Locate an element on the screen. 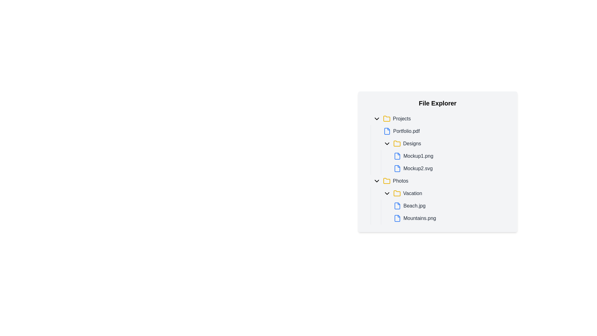  the folder icon in the 'Projects' section of the file explorer, located adjacent to 'Portfolio.pdf' and above 'Designs' is located at coordinates (386, 119).